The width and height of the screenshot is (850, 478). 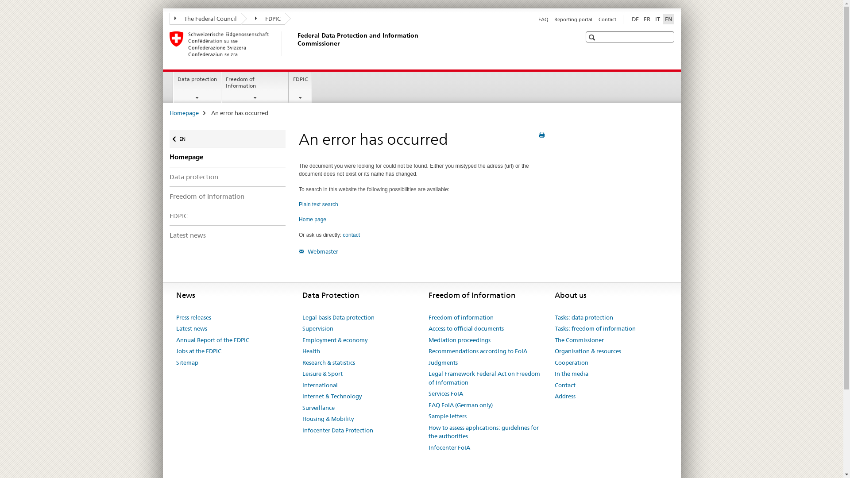 I want to click on 'Judgments', so click(x=443, y=363).